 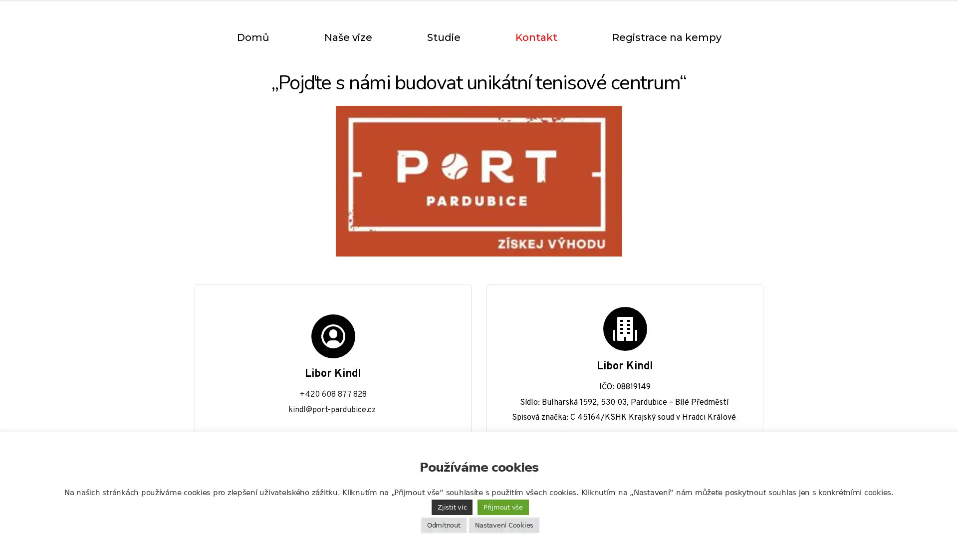 What do you see at coordinates (443, 525) in the screenshot?
I see `Odmitnout` at bounding box center [443, 525].